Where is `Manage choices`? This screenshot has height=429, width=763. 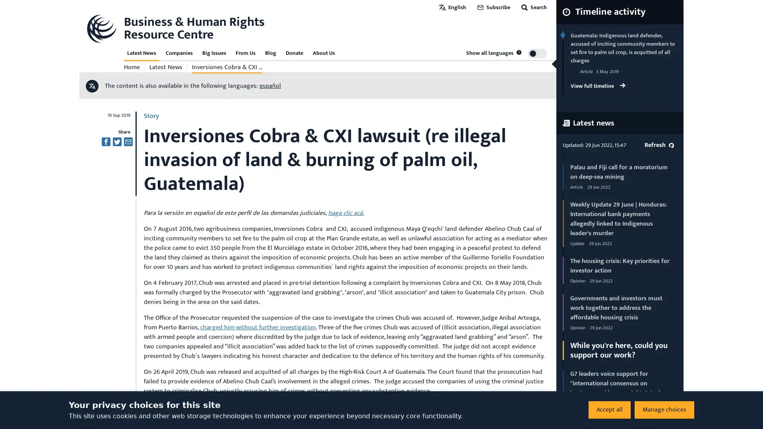
Manage choices is located at coordinates (664, 410).